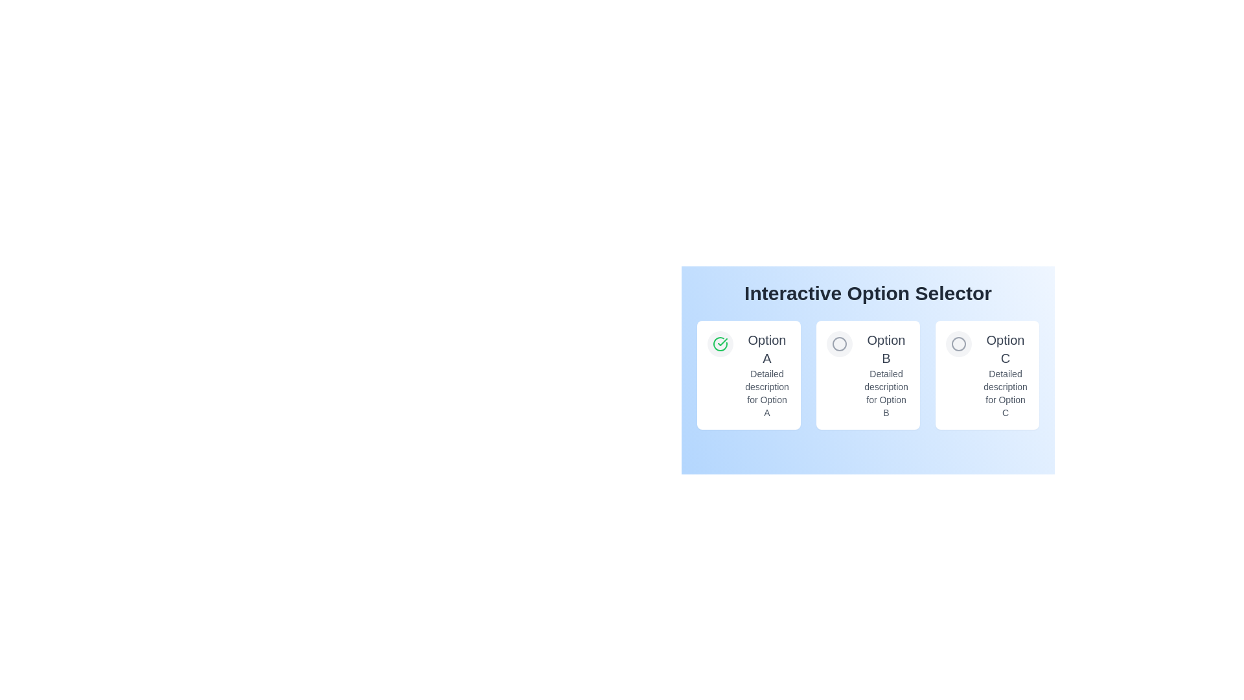 The width and height of the screenshot is (1244, 700). Describe the element at coordinates (868, 362) in the screenshot. I see `the 'Option B' radio button card, which features the title 'Option B' and is positioned in the center of a grid layout, directly next to 'Option A' and 'Option C'` at that location.